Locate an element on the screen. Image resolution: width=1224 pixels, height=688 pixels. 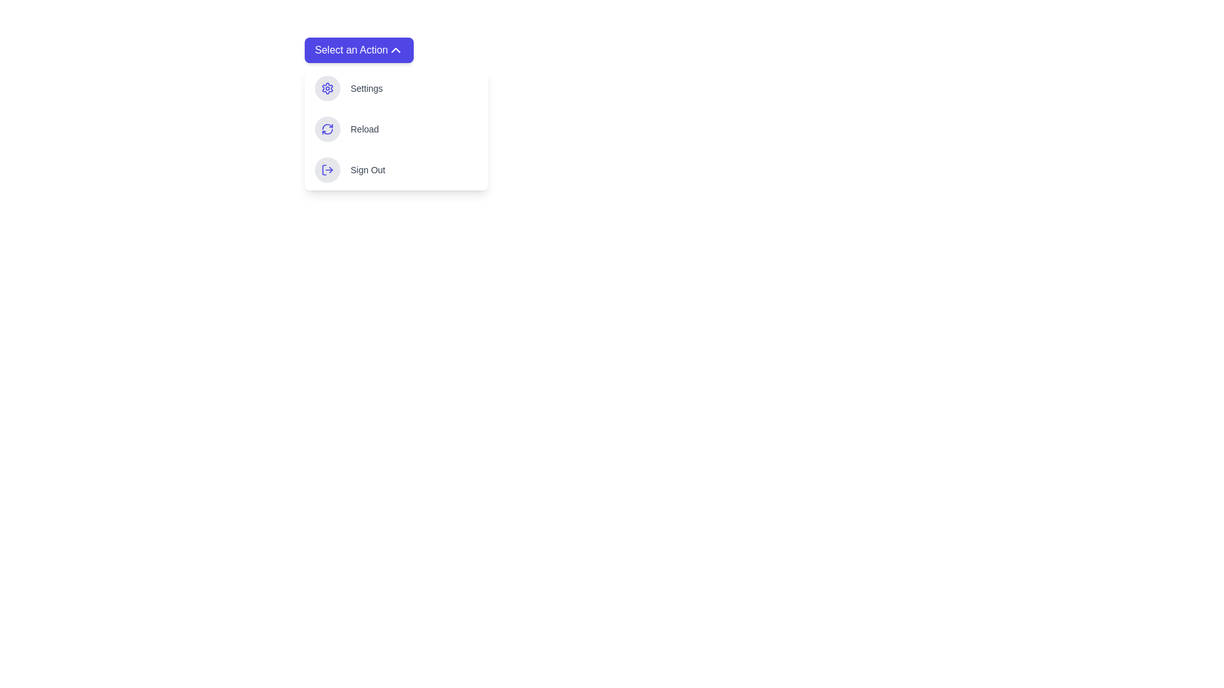
the chevron-up icon located on the right edge of the 'Select an Action' button is located at coordinates (395, 49).